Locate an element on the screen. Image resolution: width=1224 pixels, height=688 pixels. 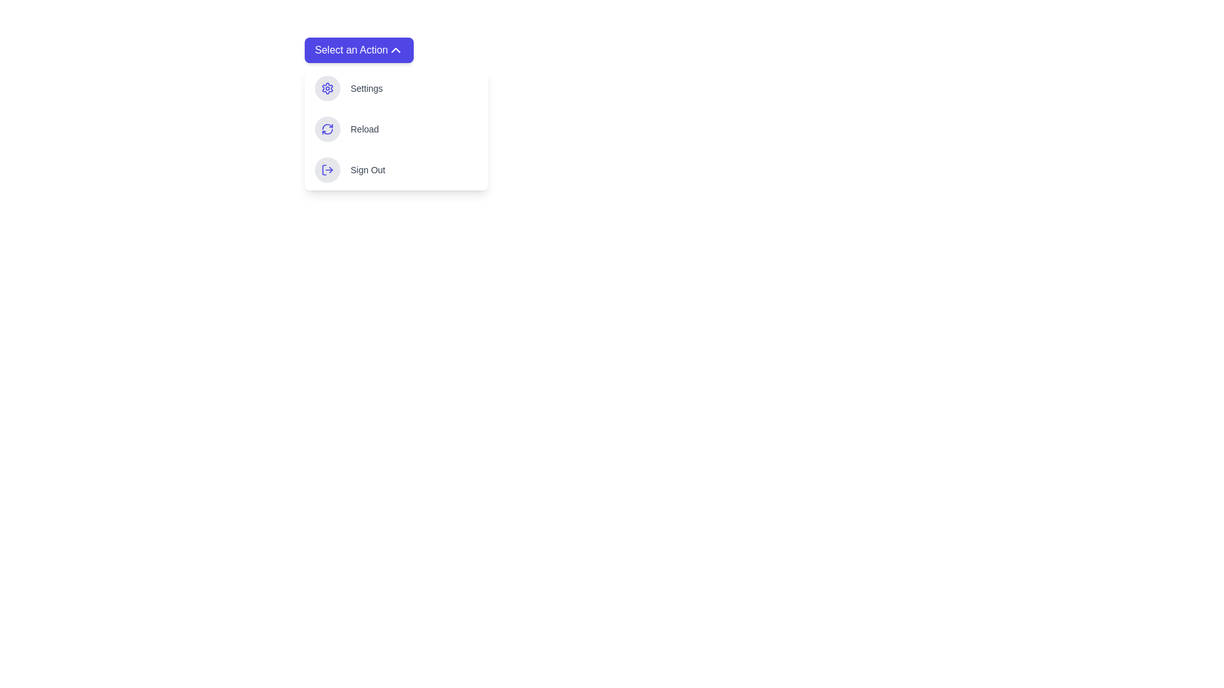
the chevron-up icon located on the right edge of the 'Select an Action' button is located at coordinates (395, 49).